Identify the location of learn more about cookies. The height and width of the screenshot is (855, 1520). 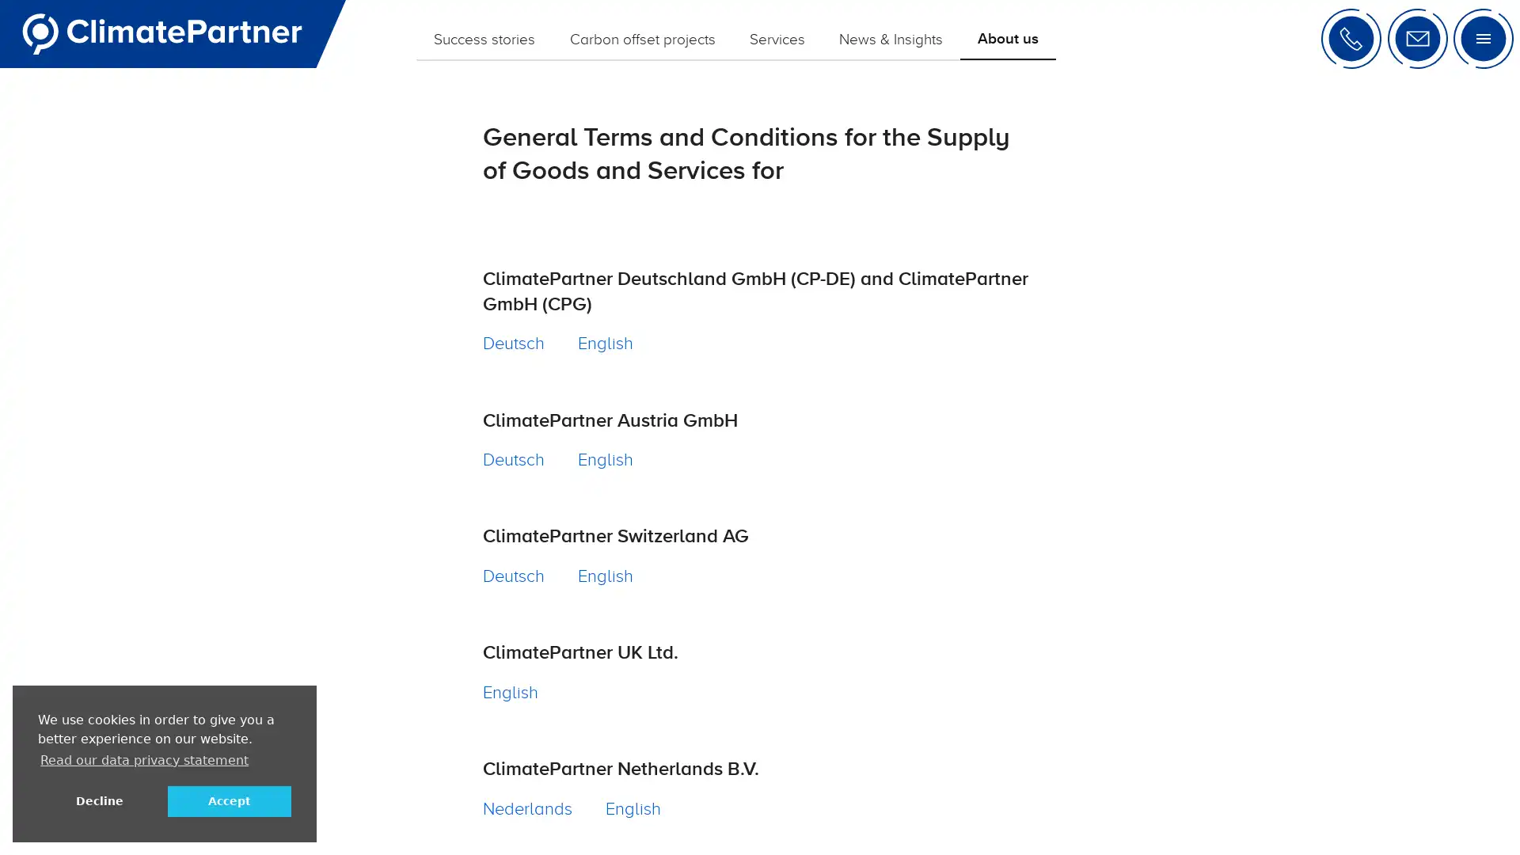
(144, 759).